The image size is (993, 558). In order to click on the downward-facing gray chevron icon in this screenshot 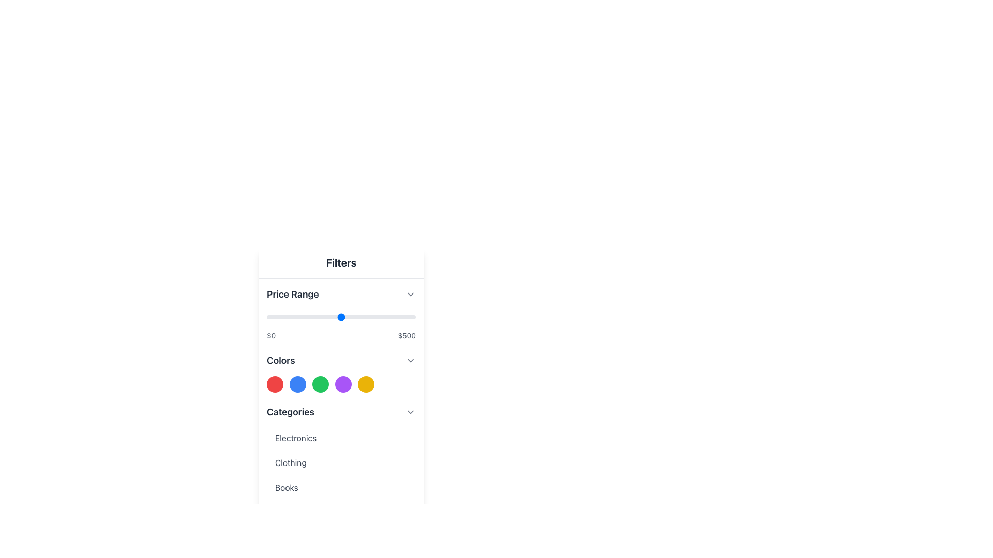, I will do `click(410, 412)`.